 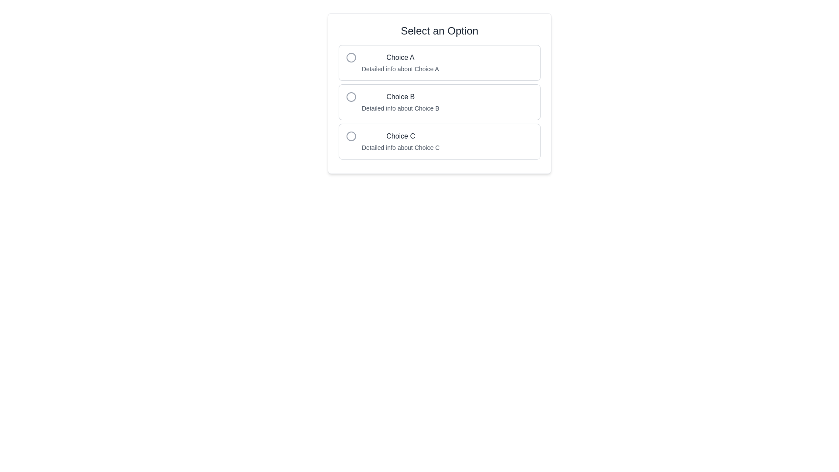 I want to click on the text label providing descriptive information about 'Choice B', located directly beneath 'Choice B' in the vertical list of choices, so click(x=400, y=108).